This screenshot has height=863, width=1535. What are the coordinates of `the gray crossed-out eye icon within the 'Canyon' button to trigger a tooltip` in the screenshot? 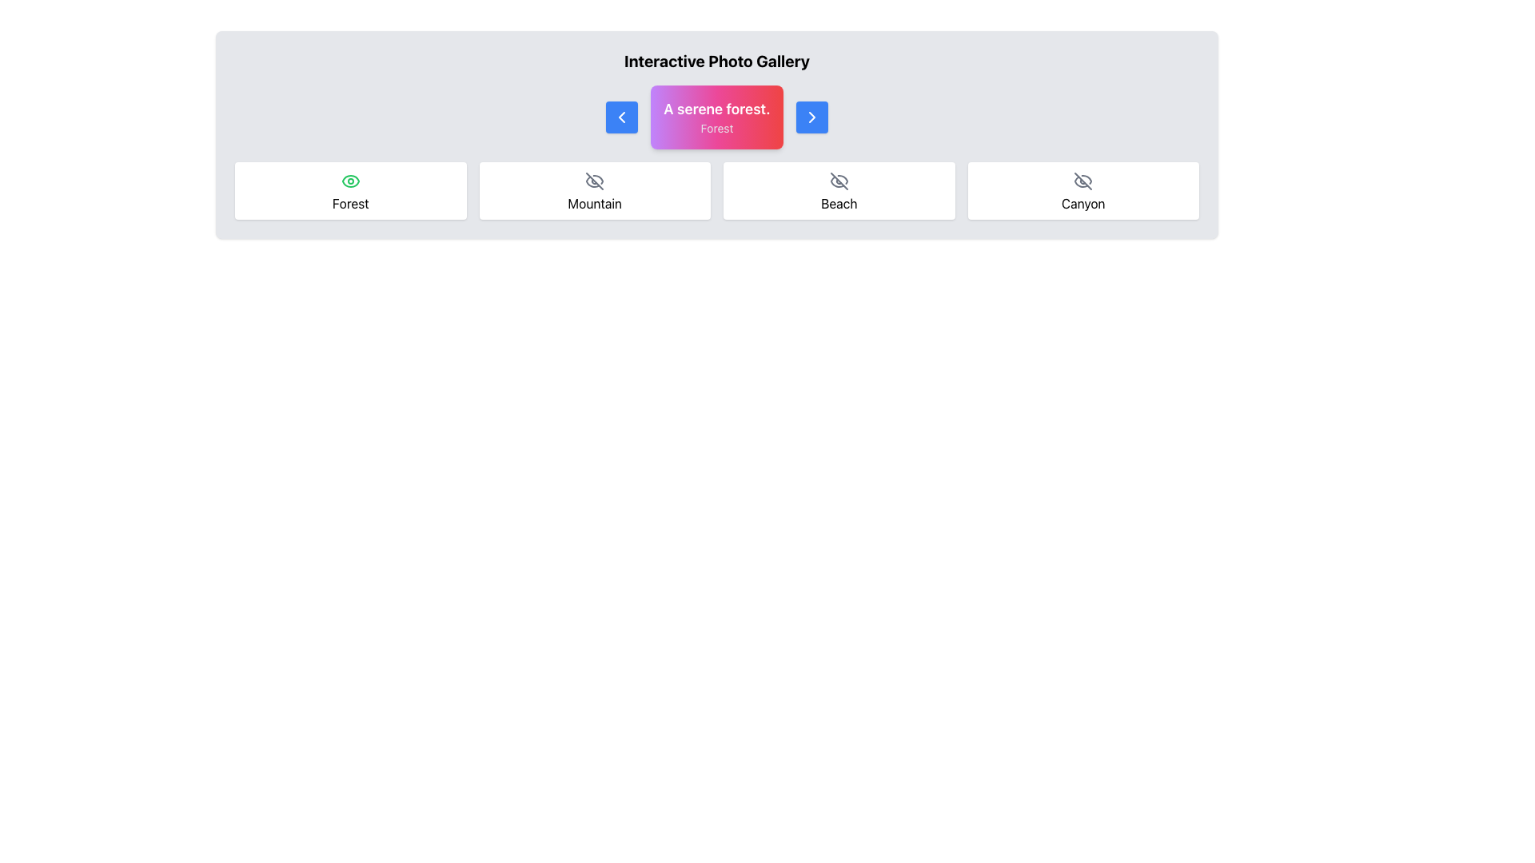 It's located at (1083, 181).